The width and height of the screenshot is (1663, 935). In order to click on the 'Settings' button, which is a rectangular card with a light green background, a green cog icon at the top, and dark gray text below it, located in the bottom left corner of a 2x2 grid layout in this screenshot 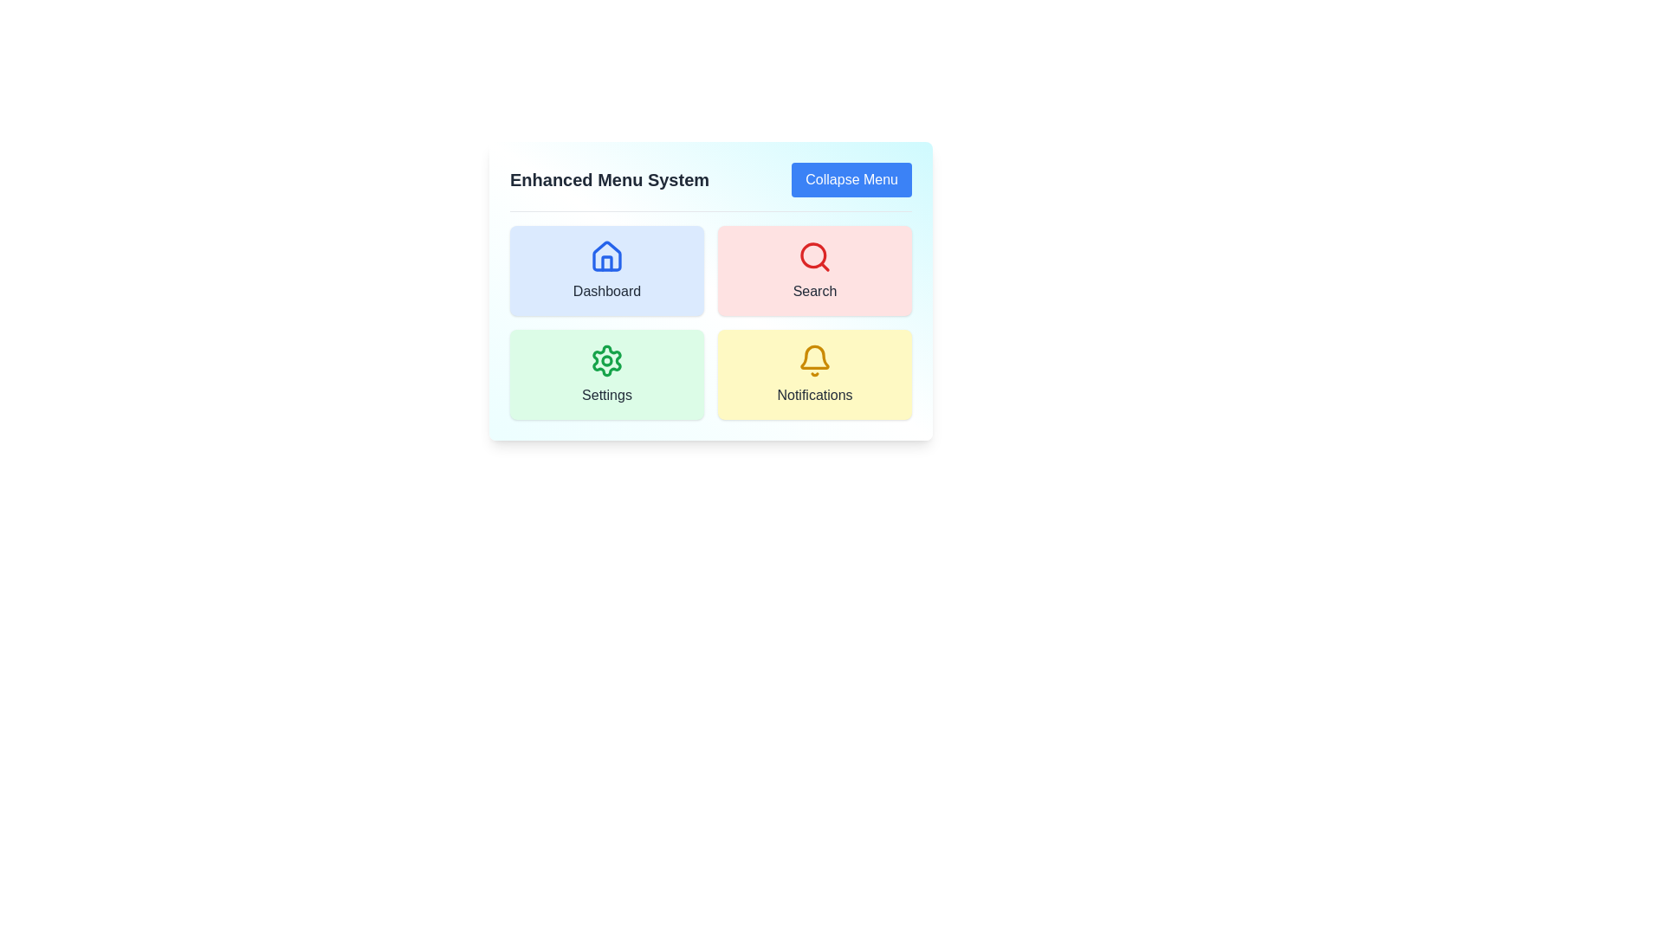, I will do `click(606, 373)`.